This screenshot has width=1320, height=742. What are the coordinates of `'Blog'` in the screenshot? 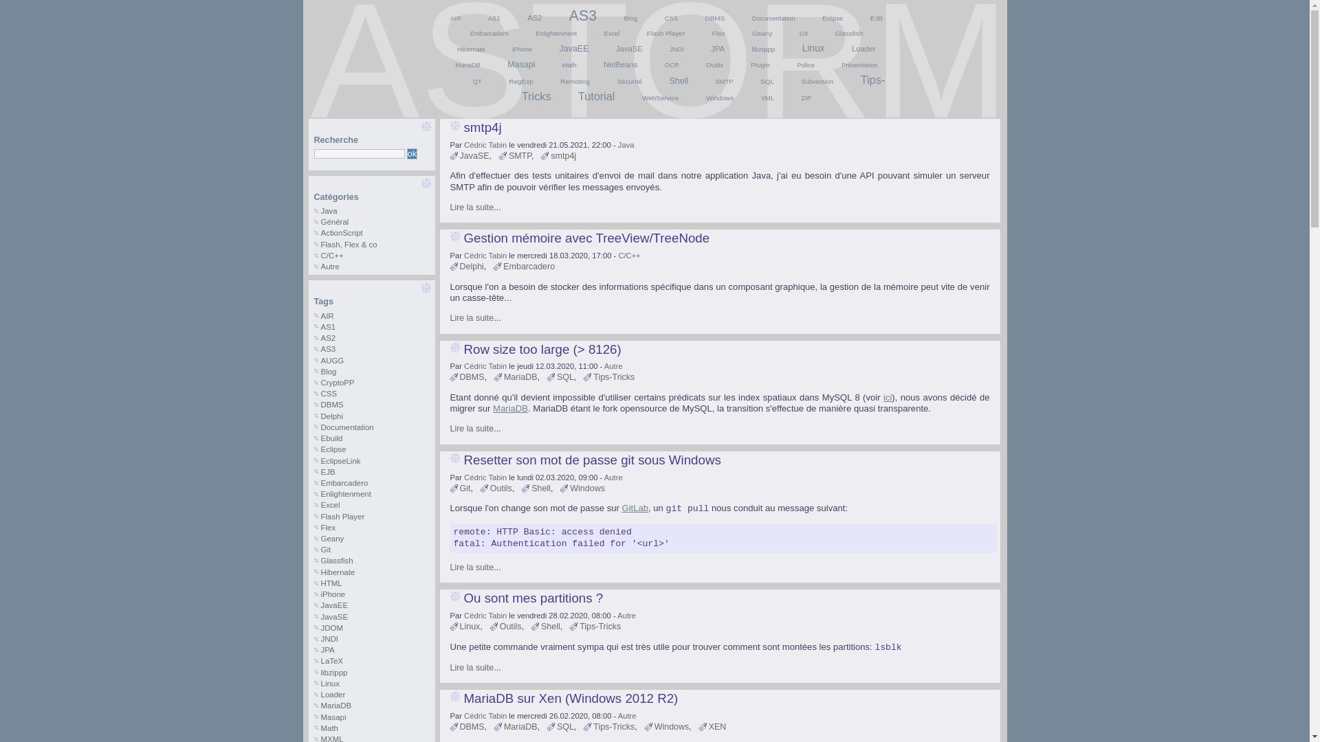 It's located at (629, 18).